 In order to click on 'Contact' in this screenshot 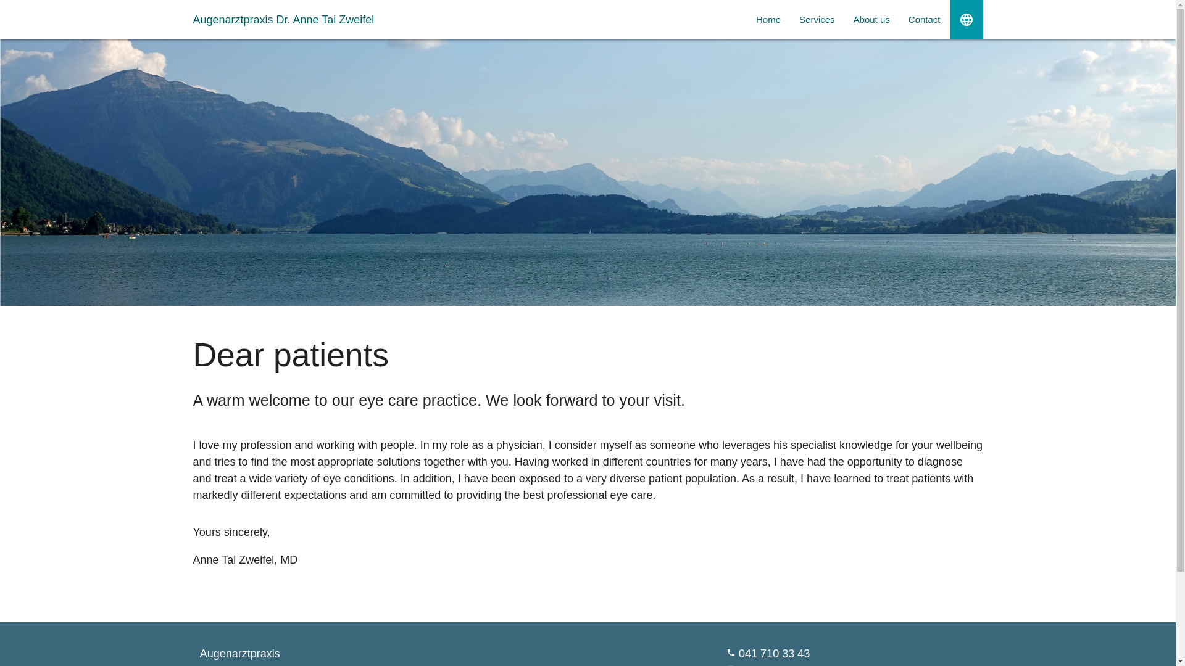, I will do `click(899, 19)`.